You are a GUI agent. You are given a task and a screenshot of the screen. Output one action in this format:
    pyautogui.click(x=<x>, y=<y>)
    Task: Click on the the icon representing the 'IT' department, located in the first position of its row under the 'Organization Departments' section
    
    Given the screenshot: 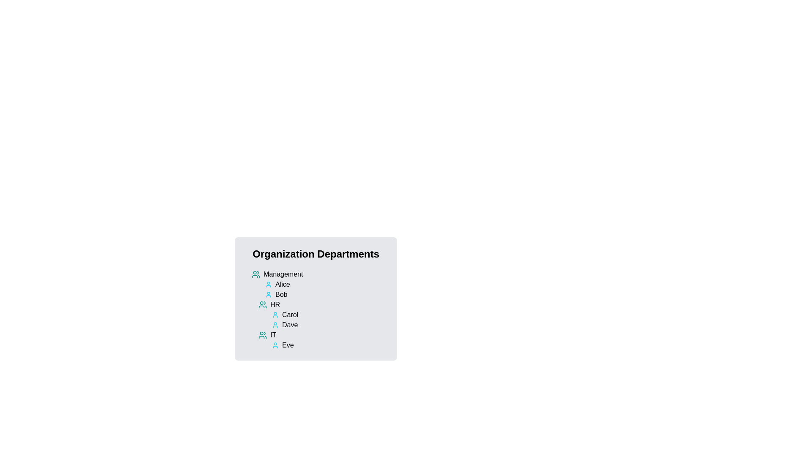 What is the action you would take?
    pyautogui.click(x=262, y=335)
    